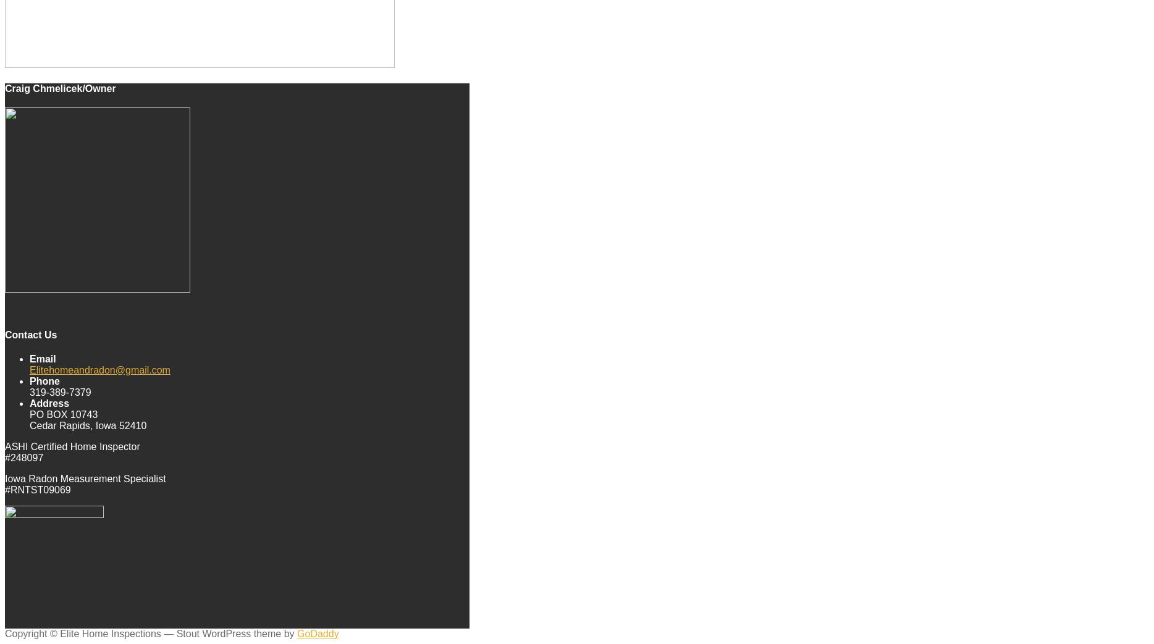  Describe the element at coordinates (49, 402) in the screenshot. I see `'Address'` at that location.